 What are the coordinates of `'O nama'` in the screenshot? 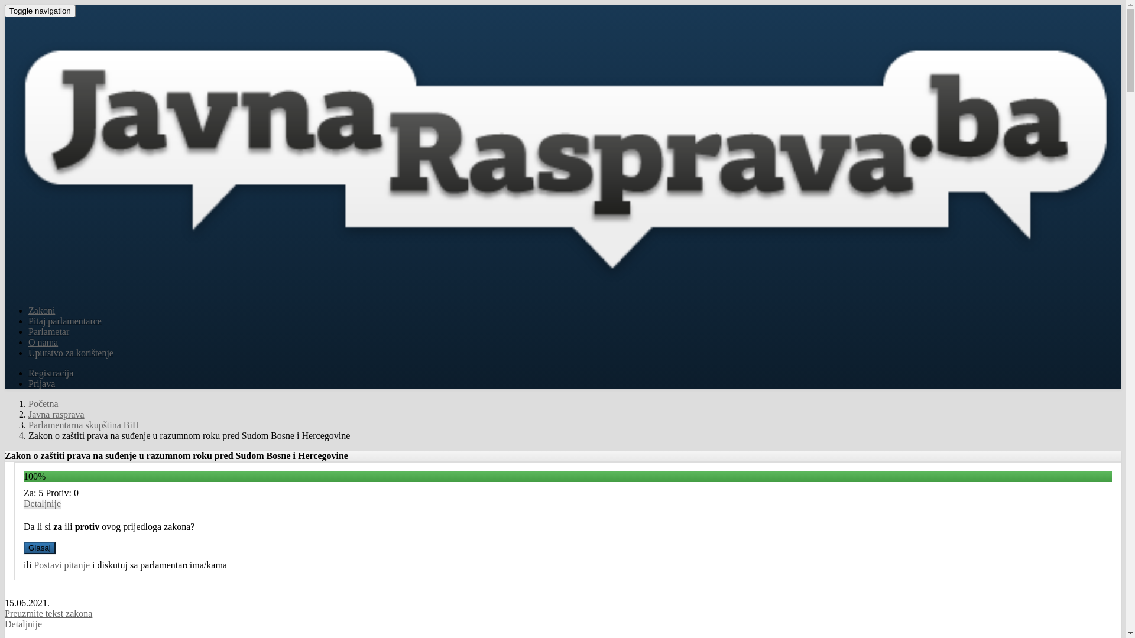 It's located at (43, 342).